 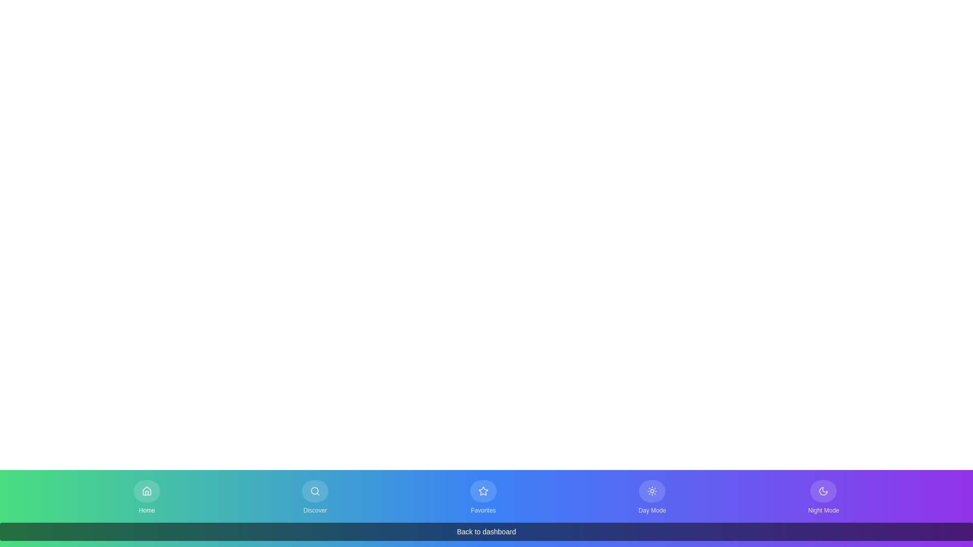 What do you see at coordinates (482, 497) in the screenshot?
I see `the Favorites tab by clicking the corresponding button` at bounding box center [482, 497].